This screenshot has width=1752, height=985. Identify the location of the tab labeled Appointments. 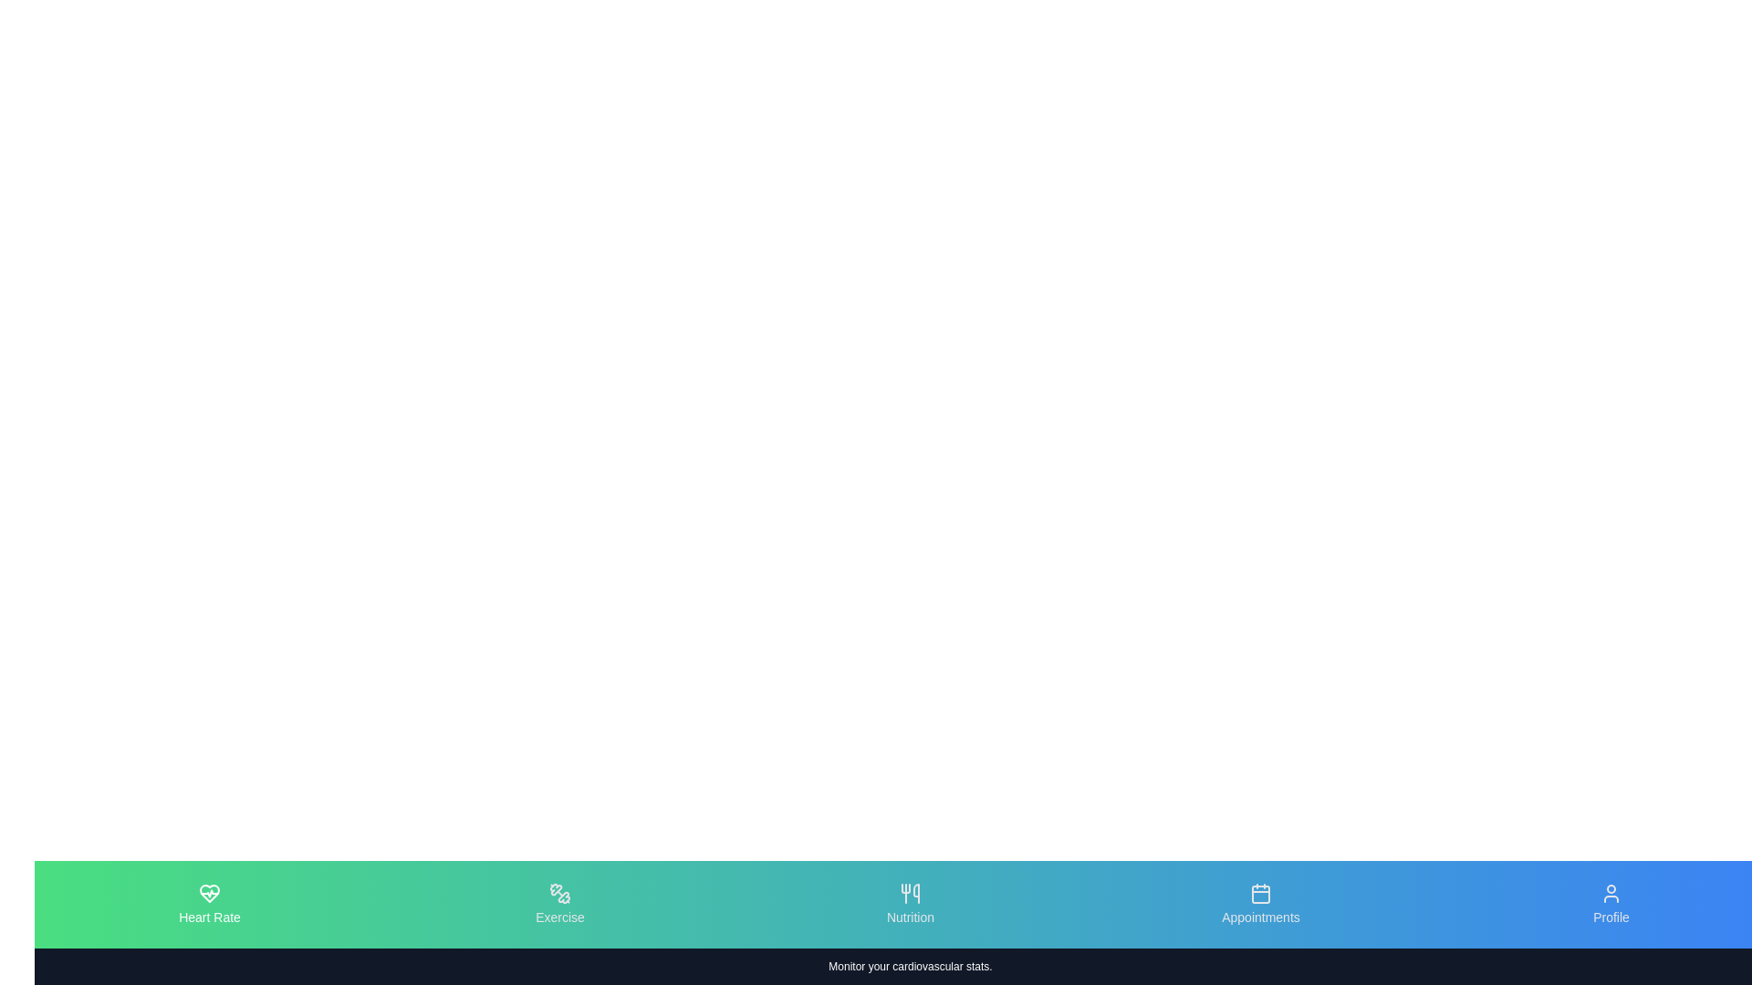
(1260, 904).